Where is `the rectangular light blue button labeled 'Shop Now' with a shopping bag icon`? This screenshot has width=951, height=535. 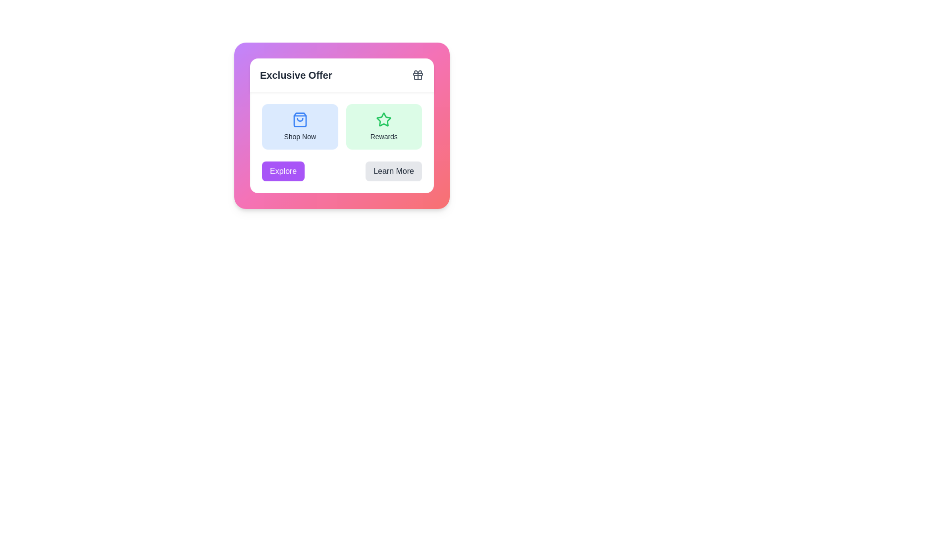 the rectangular light blue button labeled 'Shop Now' with a shopping bag icon is located at coordinates (299, 126).